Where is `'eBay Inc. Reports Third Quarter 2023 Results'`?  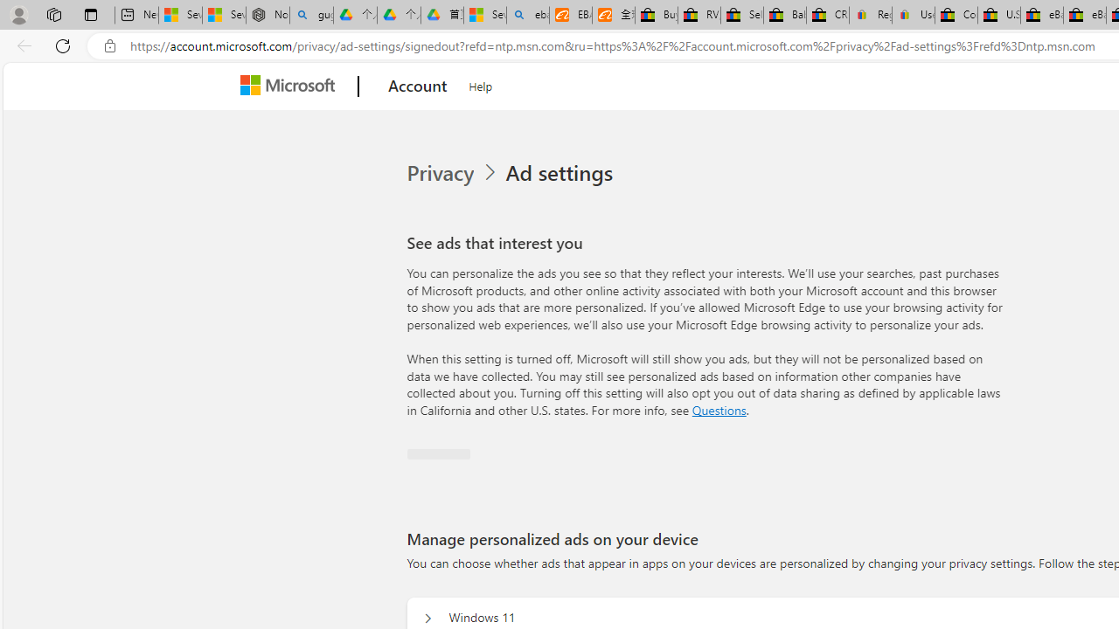
'eBay Inc. Reports Third Quarter 2023 Results' is located at coordinates (1083, 15).